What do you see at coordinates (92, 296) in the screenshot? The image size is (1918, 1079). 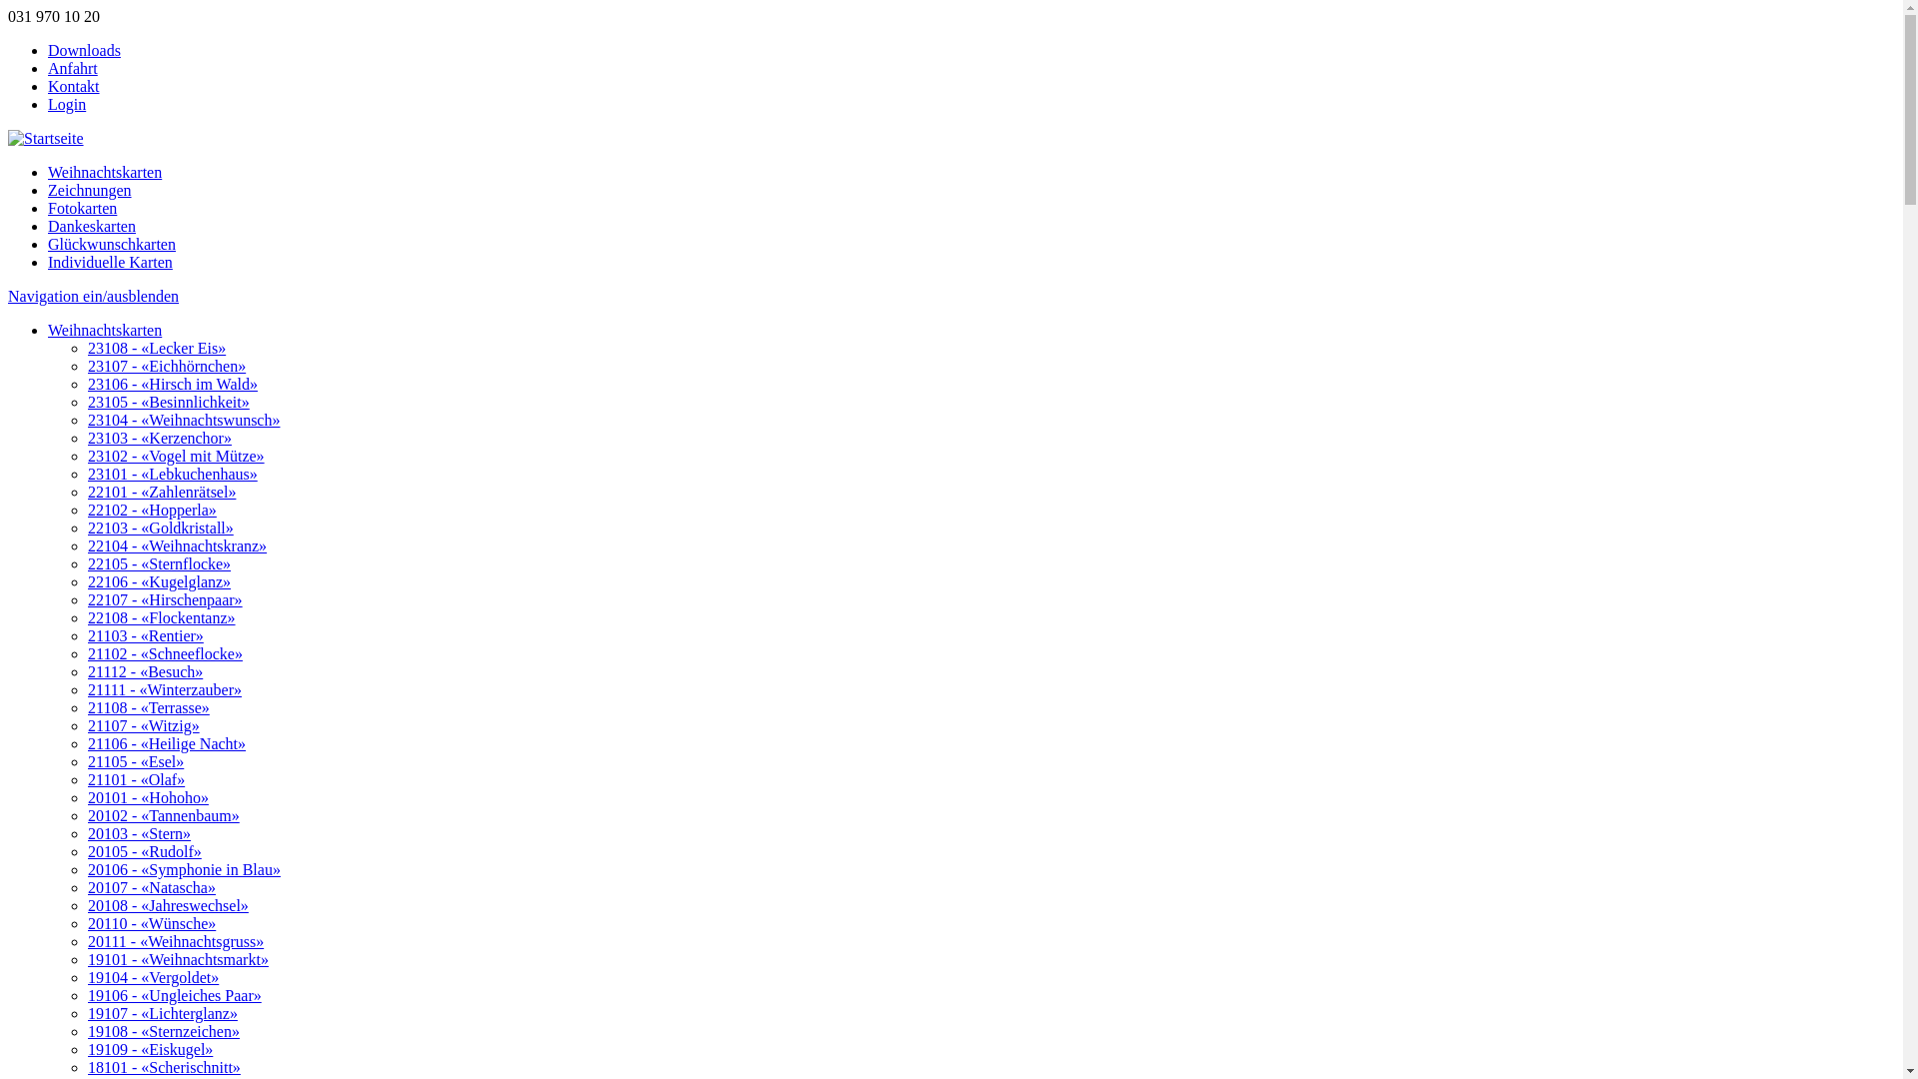 I see `'Navigation ein/ausblenden'` at bounding box center [92, 296].